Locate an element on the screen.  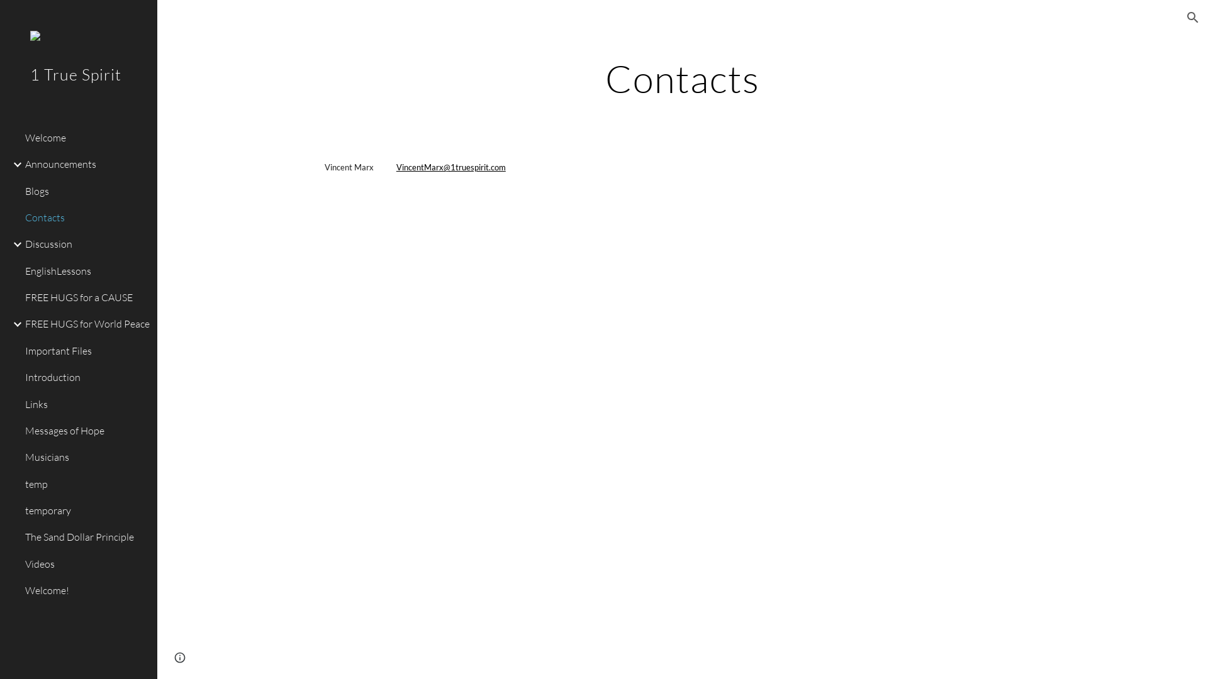
'Blogs' is located at coordinates (86, 191).